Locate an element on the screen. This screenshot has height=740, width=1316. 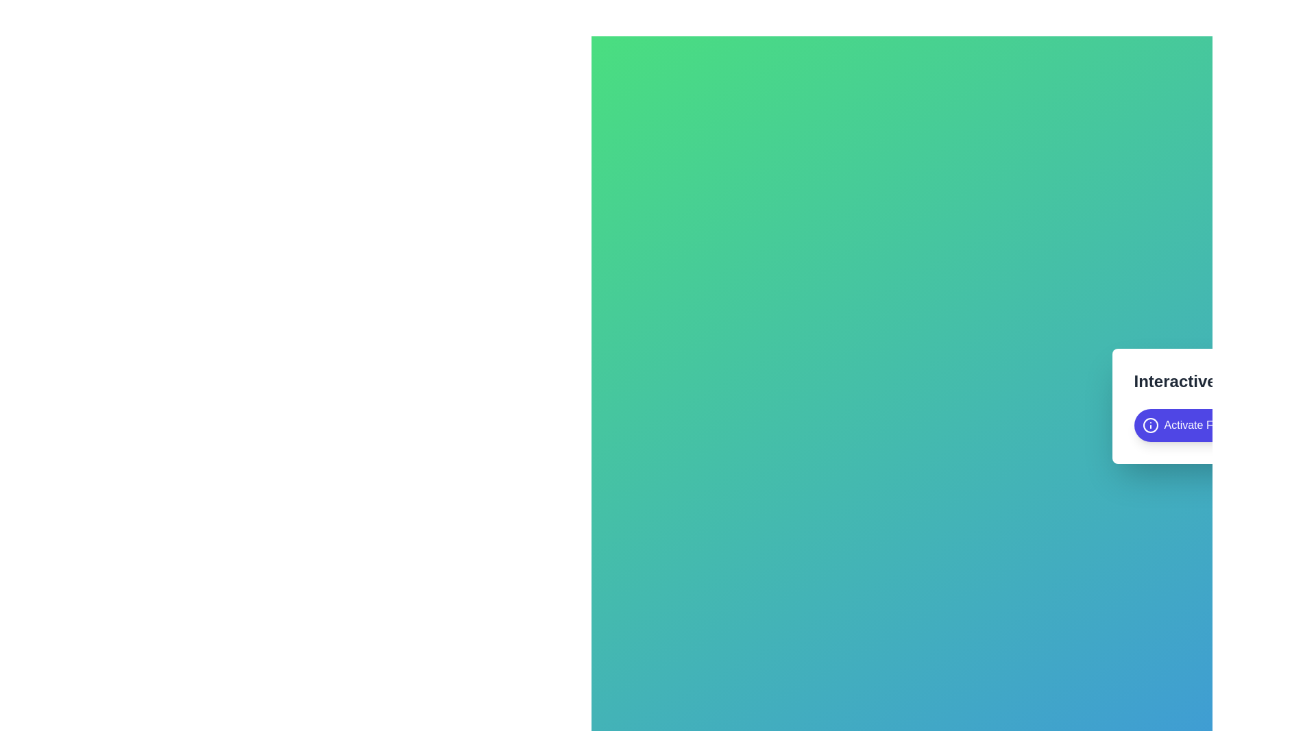
the informational icon located to the left of the 'Activate Feature' button for detailed explanations is located at coordinates (1150, 425).